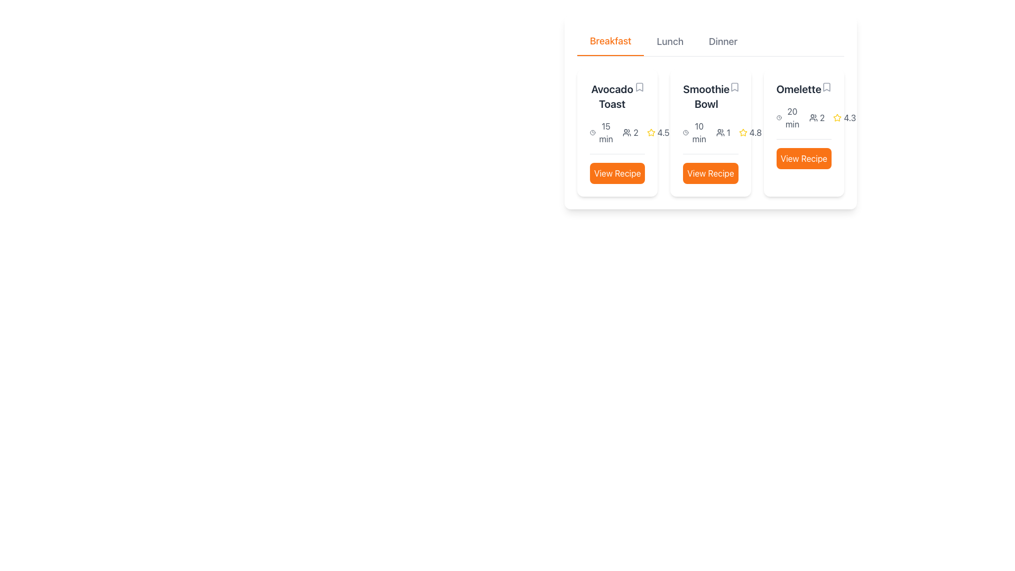 The image size is (1015, 571). What do you see at coordinates (826, 87) in the screenshot?
I see `the bookmark icon button, which changes color to orange when hovered, located to the right of the 'Omelette' title` at bounding box center [826, 87].